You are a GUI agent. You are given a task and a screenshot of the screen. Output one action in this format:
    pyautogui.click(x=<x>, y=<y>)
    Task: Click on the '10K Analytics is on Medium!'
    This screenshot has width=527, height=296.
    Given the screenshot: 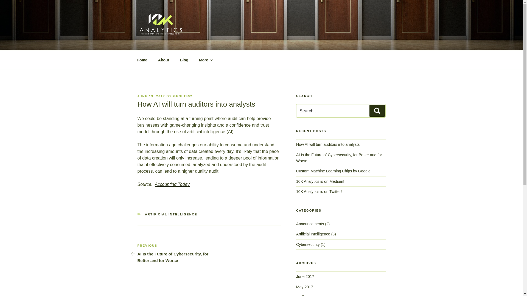 What is the action you would take?
    pyautogui.click(x=320, y=181)
    